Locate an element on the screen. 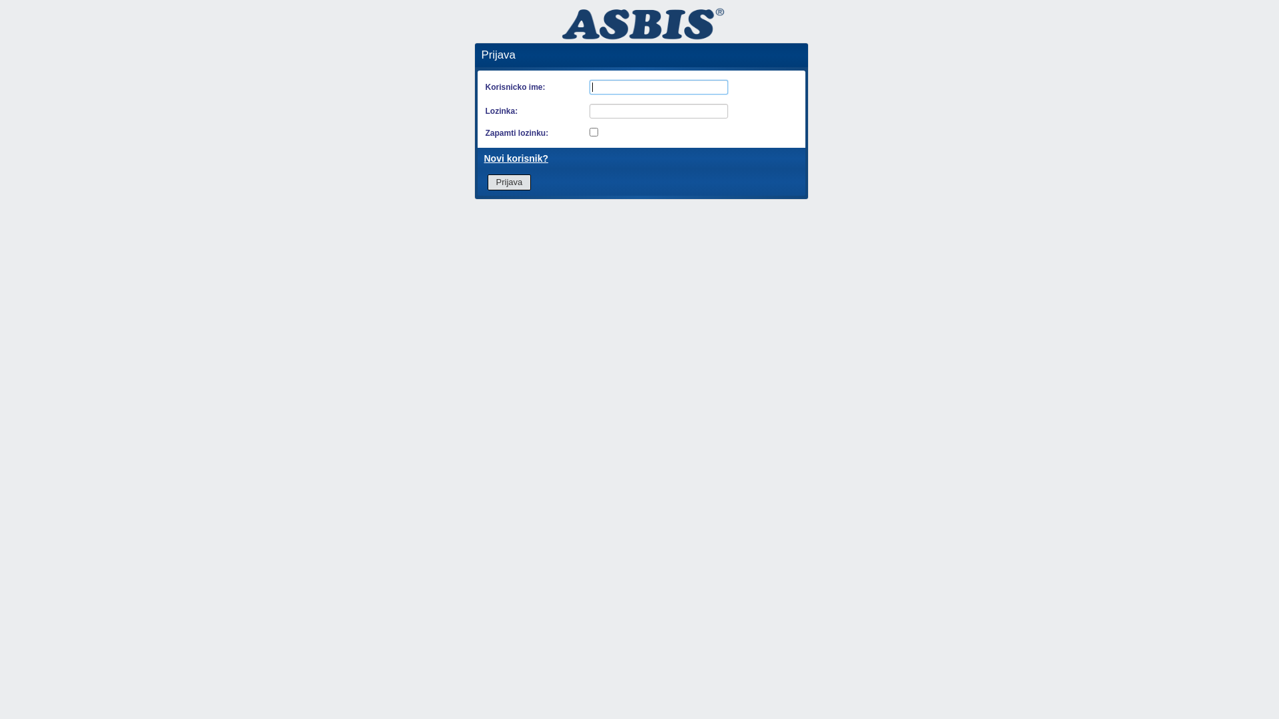  'Prijava' is located at coordinates (508, 182).